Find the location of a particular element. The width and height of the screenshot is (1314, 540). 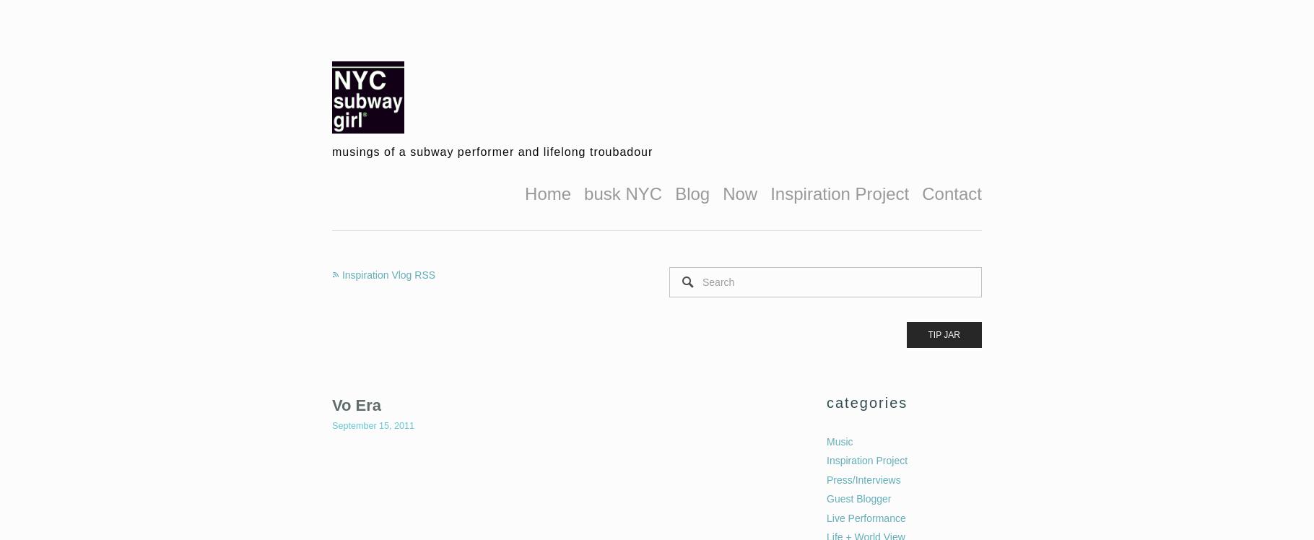

'September 15, 2011' is located at coordinates (331, 426).